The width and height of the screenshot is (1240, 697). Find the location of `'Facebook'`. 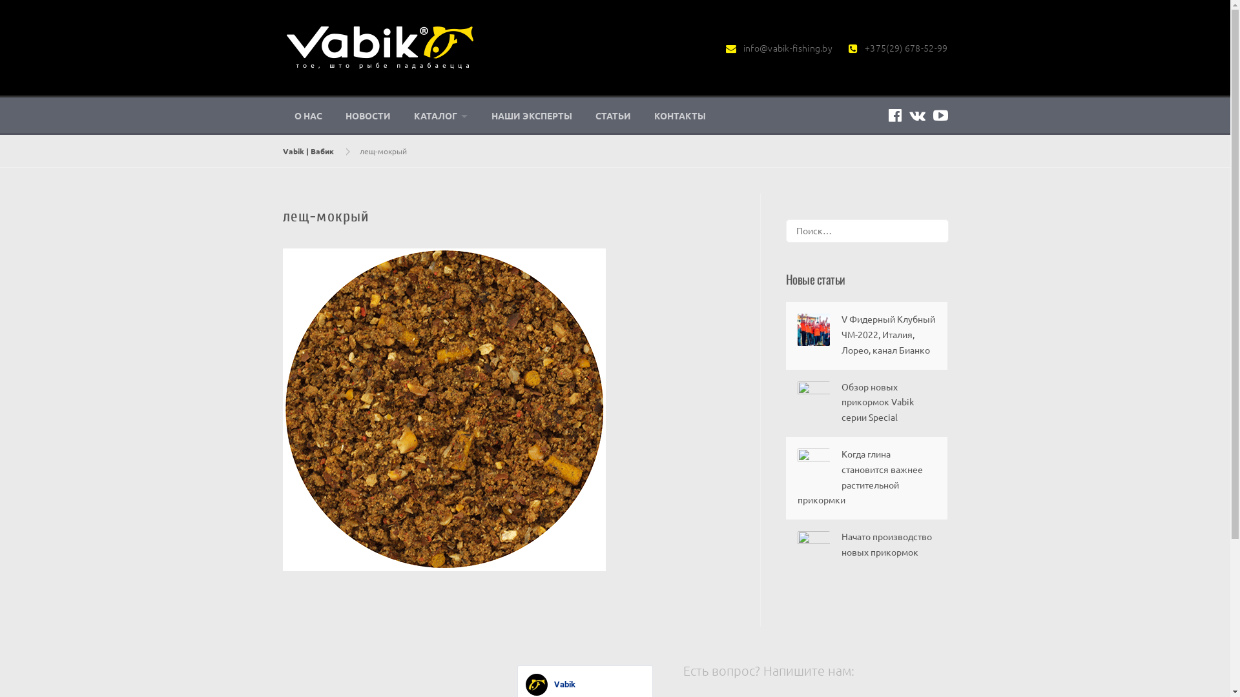

'Facebook' is located at coordinates (894, 114).